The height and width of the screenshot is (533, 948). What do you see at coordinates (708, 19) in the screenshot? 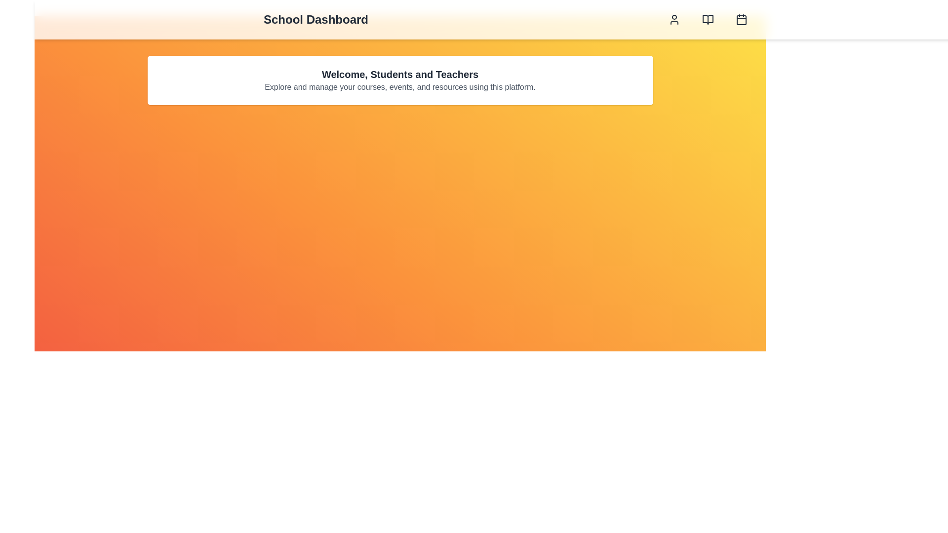
I see `the navigation button corresponding to BookOpen` at bounding box center [708, 19].